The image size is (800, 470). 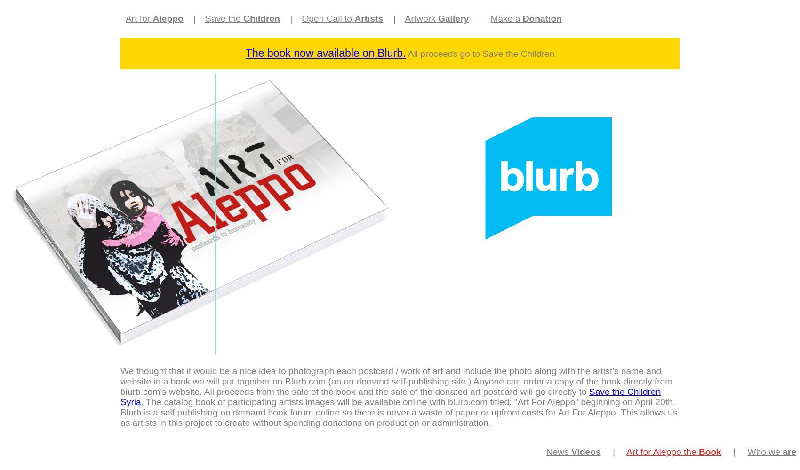 What do you see at coordinates (697, 451) in the screenshot?
I see `'Book'` at bounding box center [697, 451].